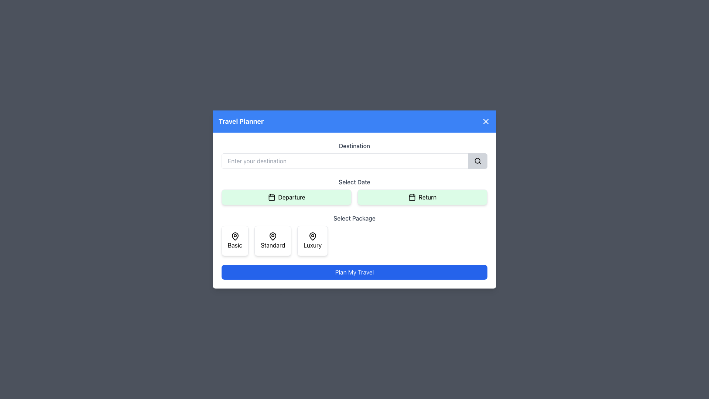  I want to click on the lower-left to upper-right diagonal line of the 'X' shaped icon, which is part of a minimalistic close or dismiss icon, so click(486, 121).